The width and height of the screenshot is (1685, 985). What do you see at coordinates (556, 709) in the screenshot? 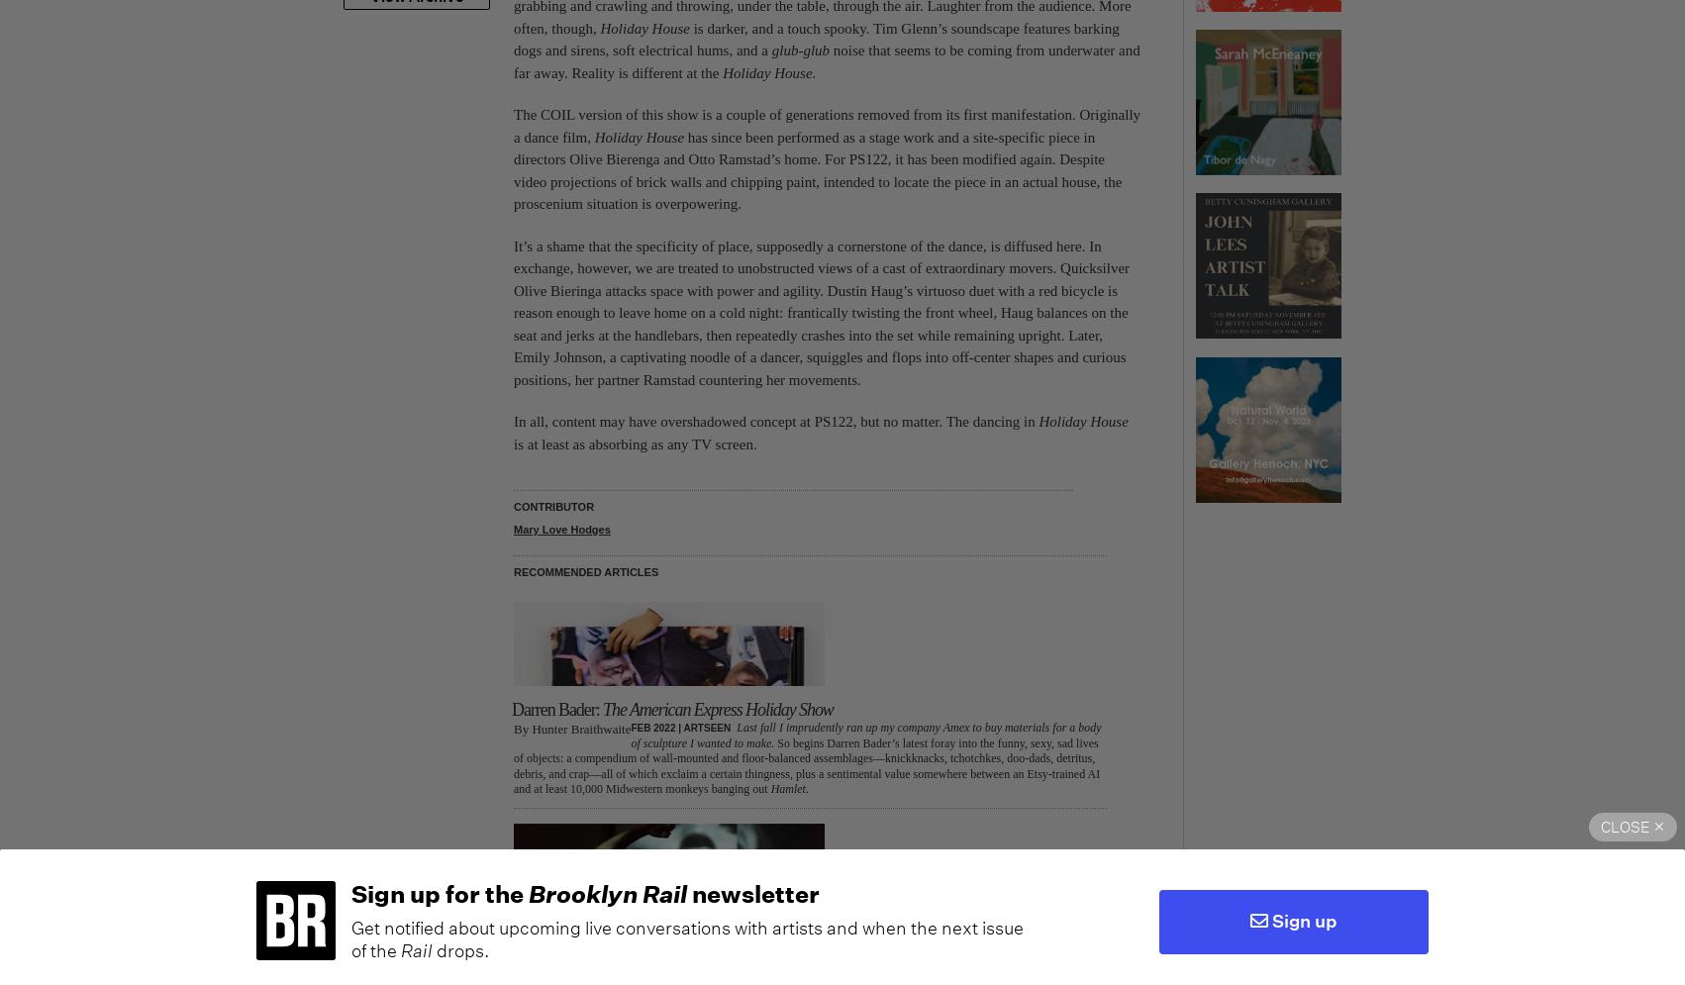
I see `'Darren Bader:'` at bounding box center [556, 709].